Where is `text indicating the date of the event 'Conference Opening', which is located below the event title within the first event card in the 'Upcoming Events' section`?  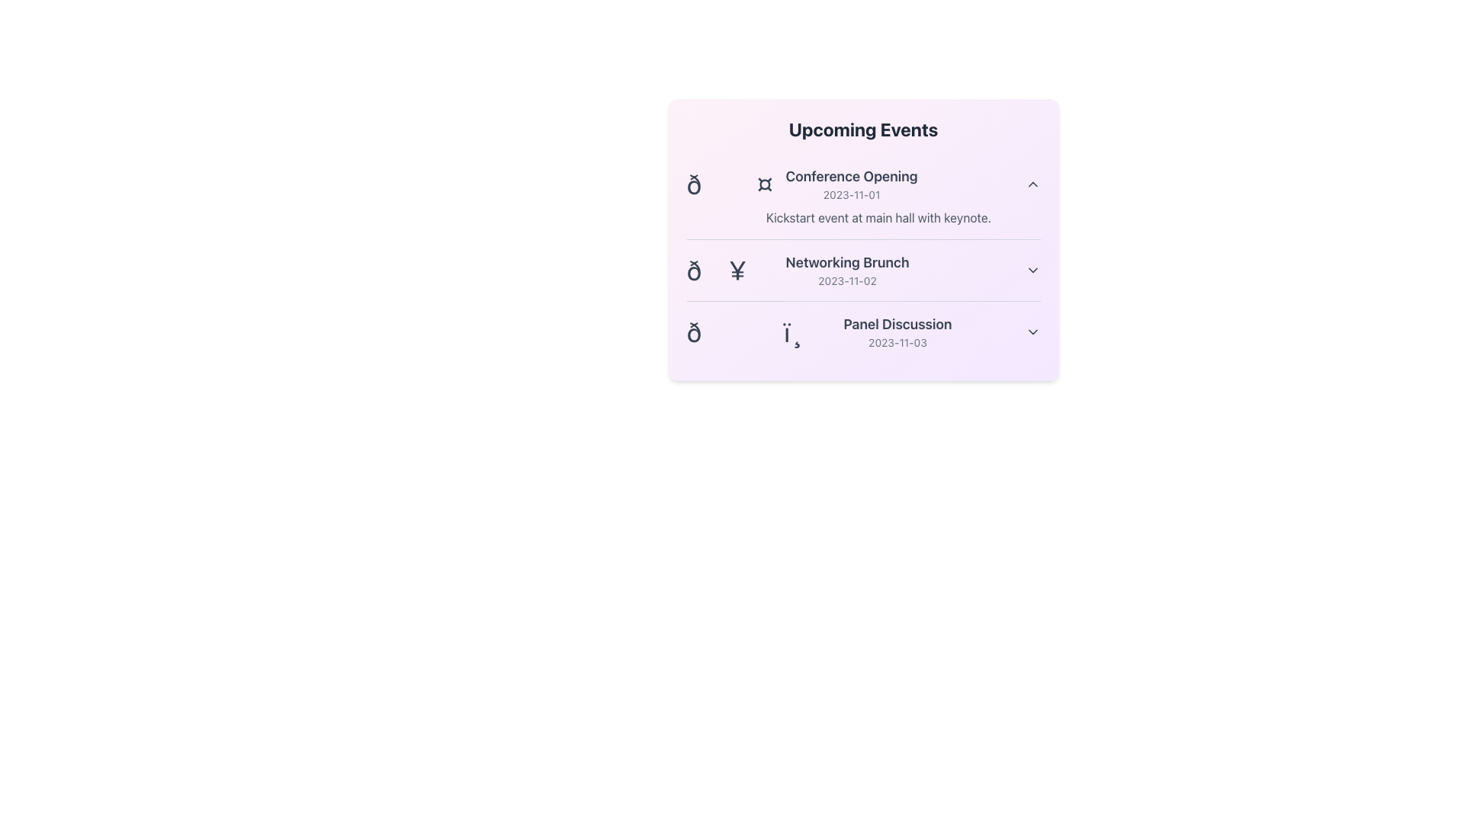 text indicating the date of the event 'Conference Opening', which is located below the event title within the first event card in the 'Upcoming Events' section is located at coordinates (851, 194).